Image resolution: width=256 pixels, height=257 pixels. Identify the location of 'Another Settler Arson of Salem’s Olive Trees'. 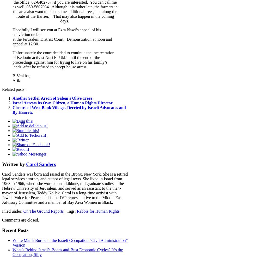
(12, 98).